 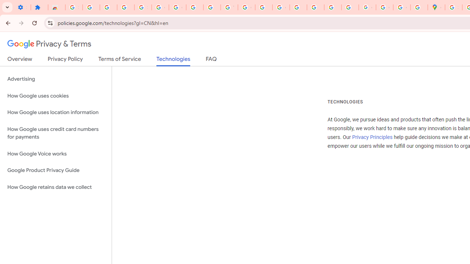 I want to click on 'Reviews: Helix Fruit Jump Arcade Game', so click(x=56, y=7).